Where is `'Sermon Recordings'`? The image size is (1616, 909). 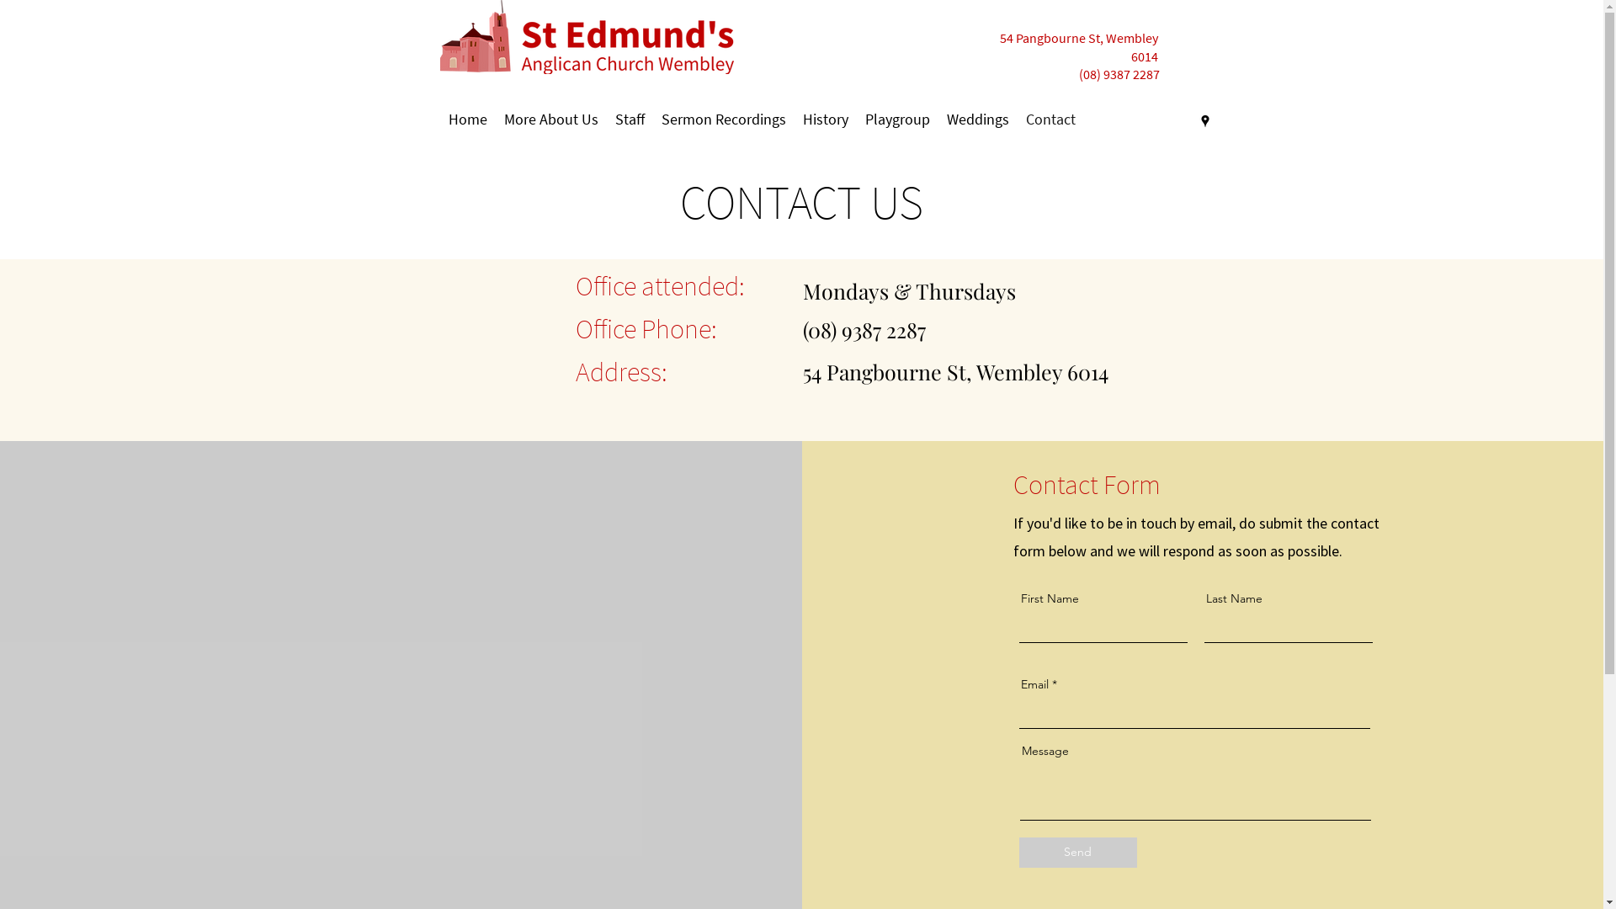
'Sermon Recordings' is located at coordinates (723, 119).